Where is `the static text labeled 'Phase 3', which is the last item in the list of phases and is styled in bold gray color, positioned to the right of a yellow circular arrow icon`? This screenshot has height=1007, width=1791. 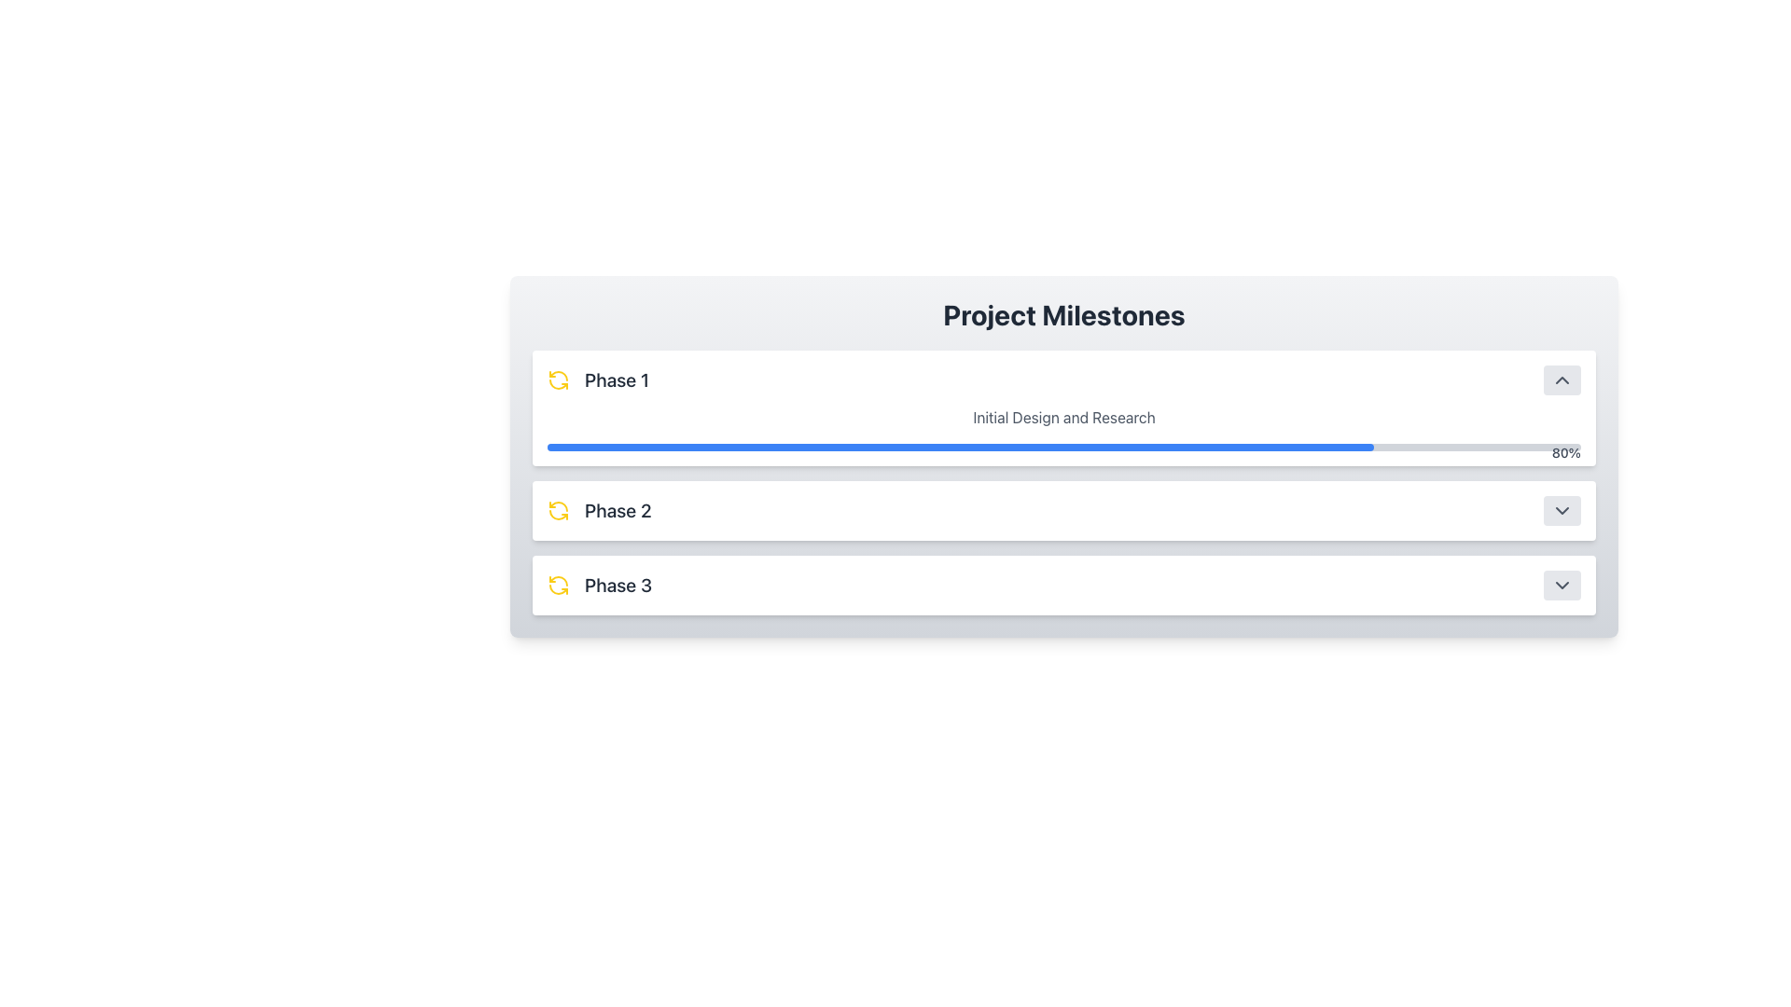
the static text labeled 'Phase 3', which is the last item in the list of phases and is styled in bold gray color, positioned to the right of a yellow circular arrow icon is located at coordinates (618, 585).